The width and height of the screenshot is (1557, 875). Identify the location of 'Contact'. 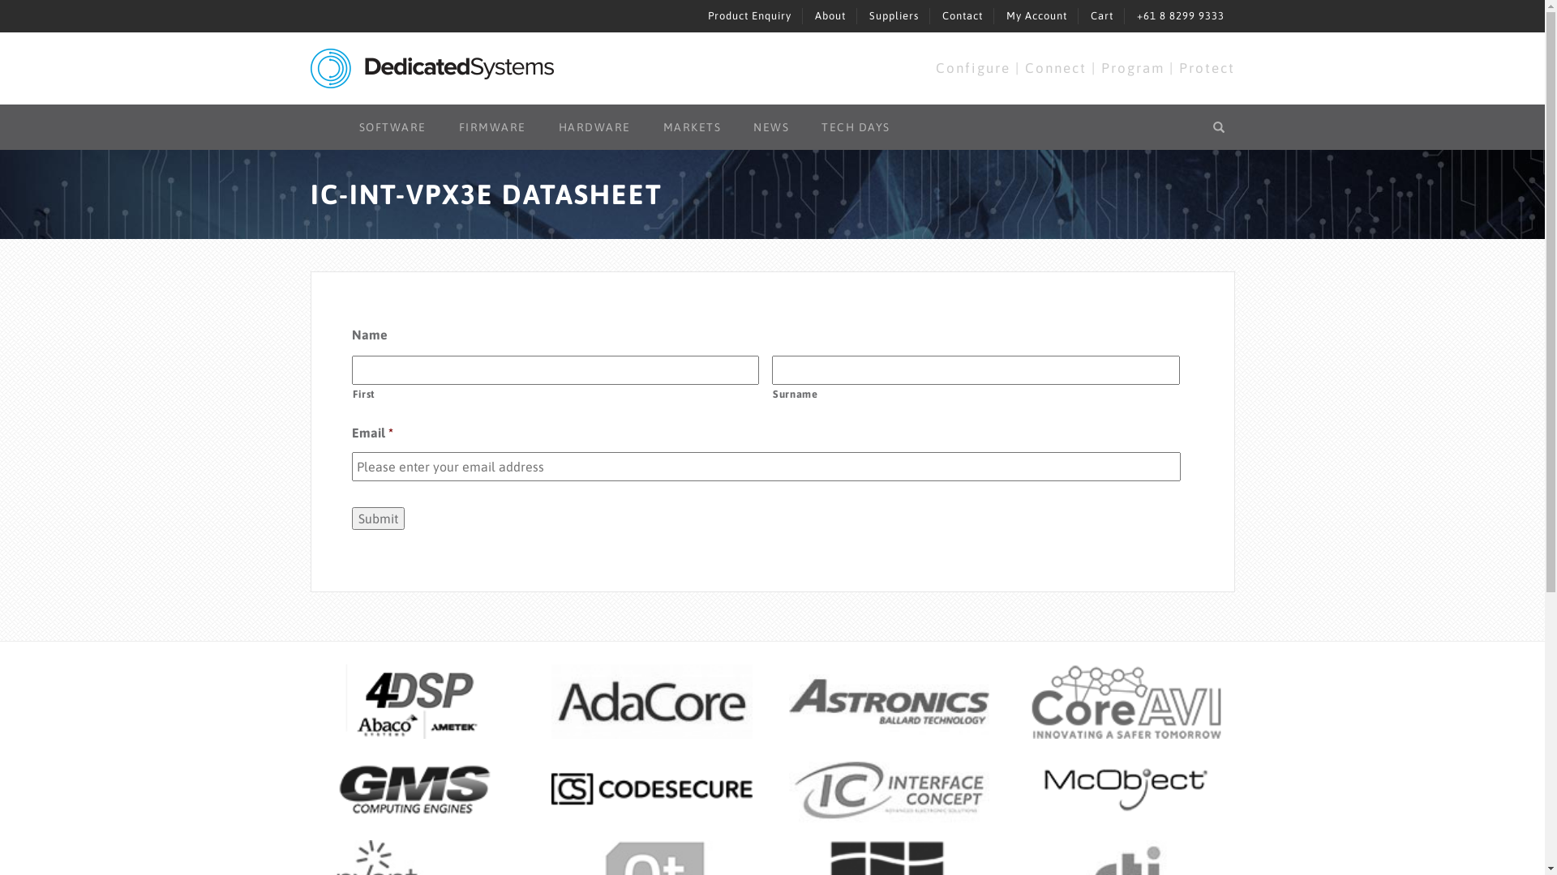
(962, 15).